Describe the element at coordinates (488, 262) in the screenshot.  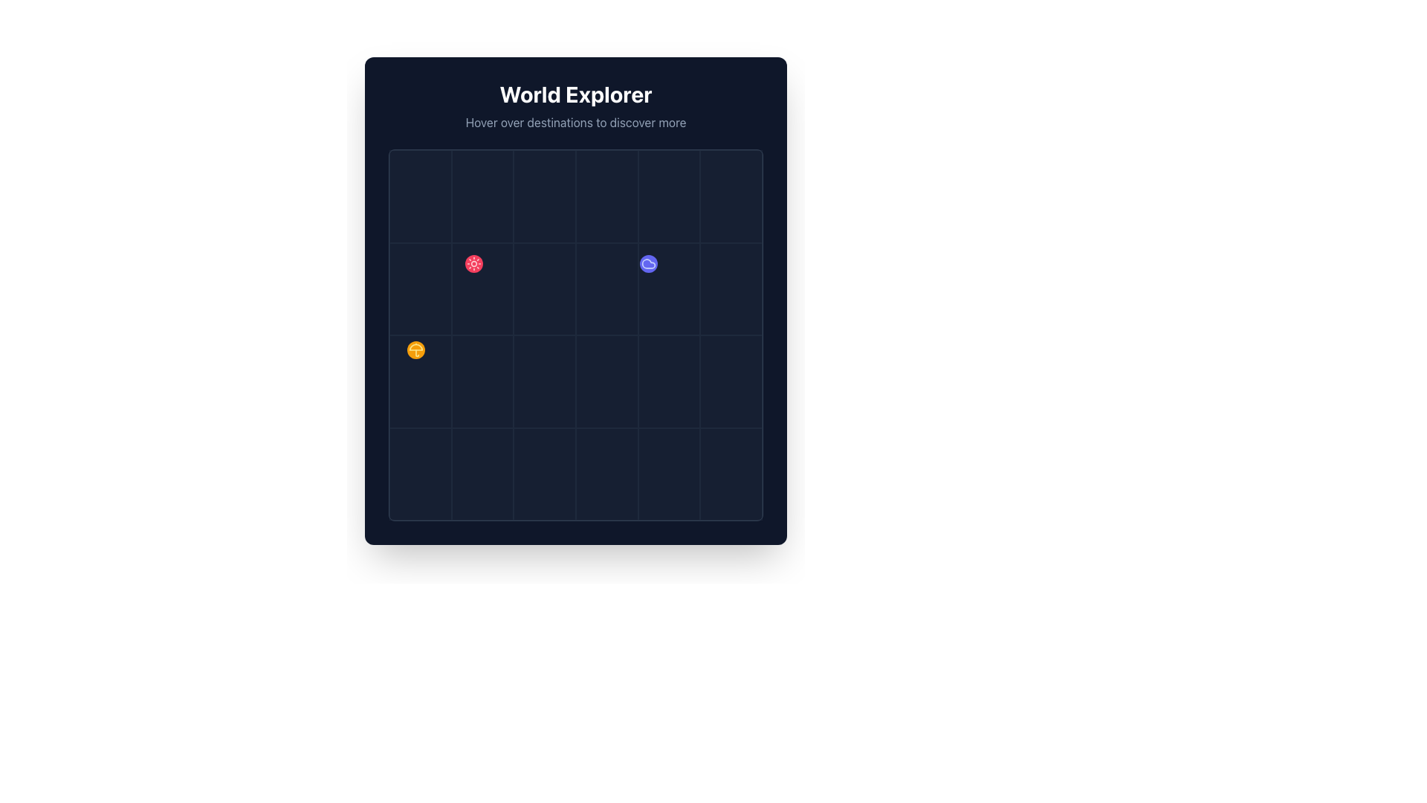
I see `the circular rose-red button with a sun-like icon located in the second column and second row of the grid layout` at that location.